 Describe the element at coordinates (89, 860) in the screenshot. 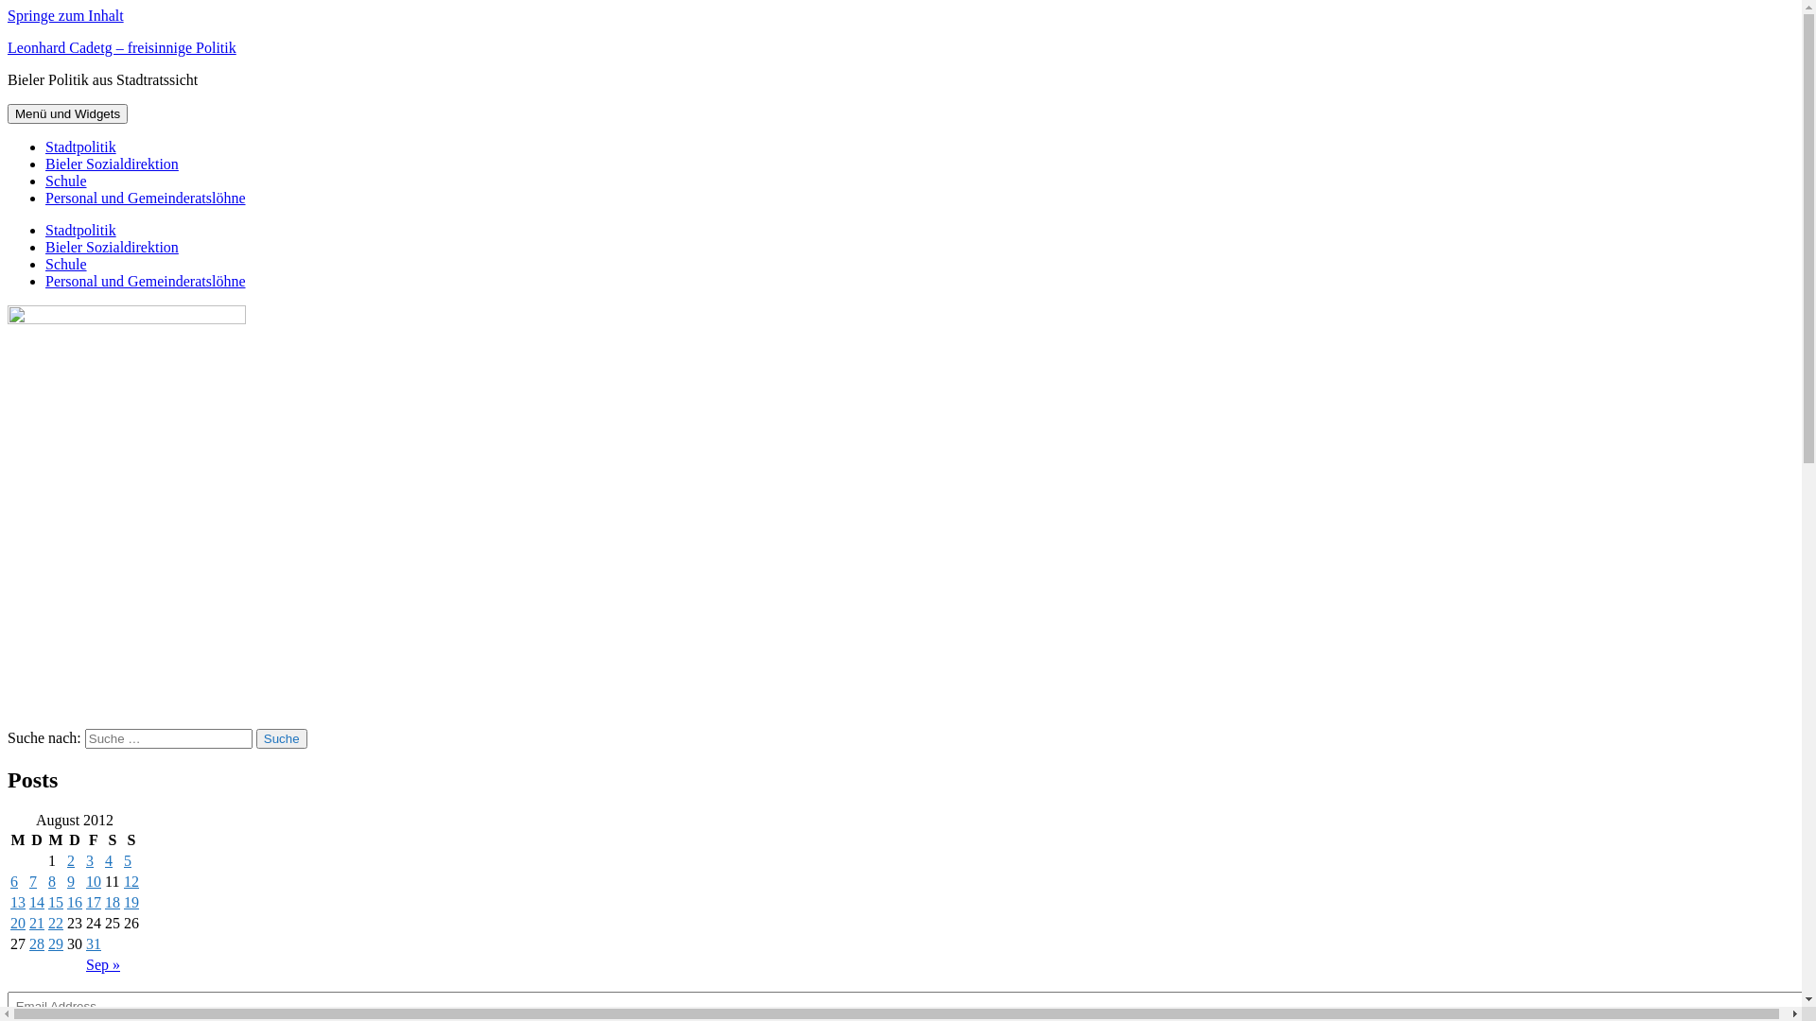

I see `'3'` at that location.